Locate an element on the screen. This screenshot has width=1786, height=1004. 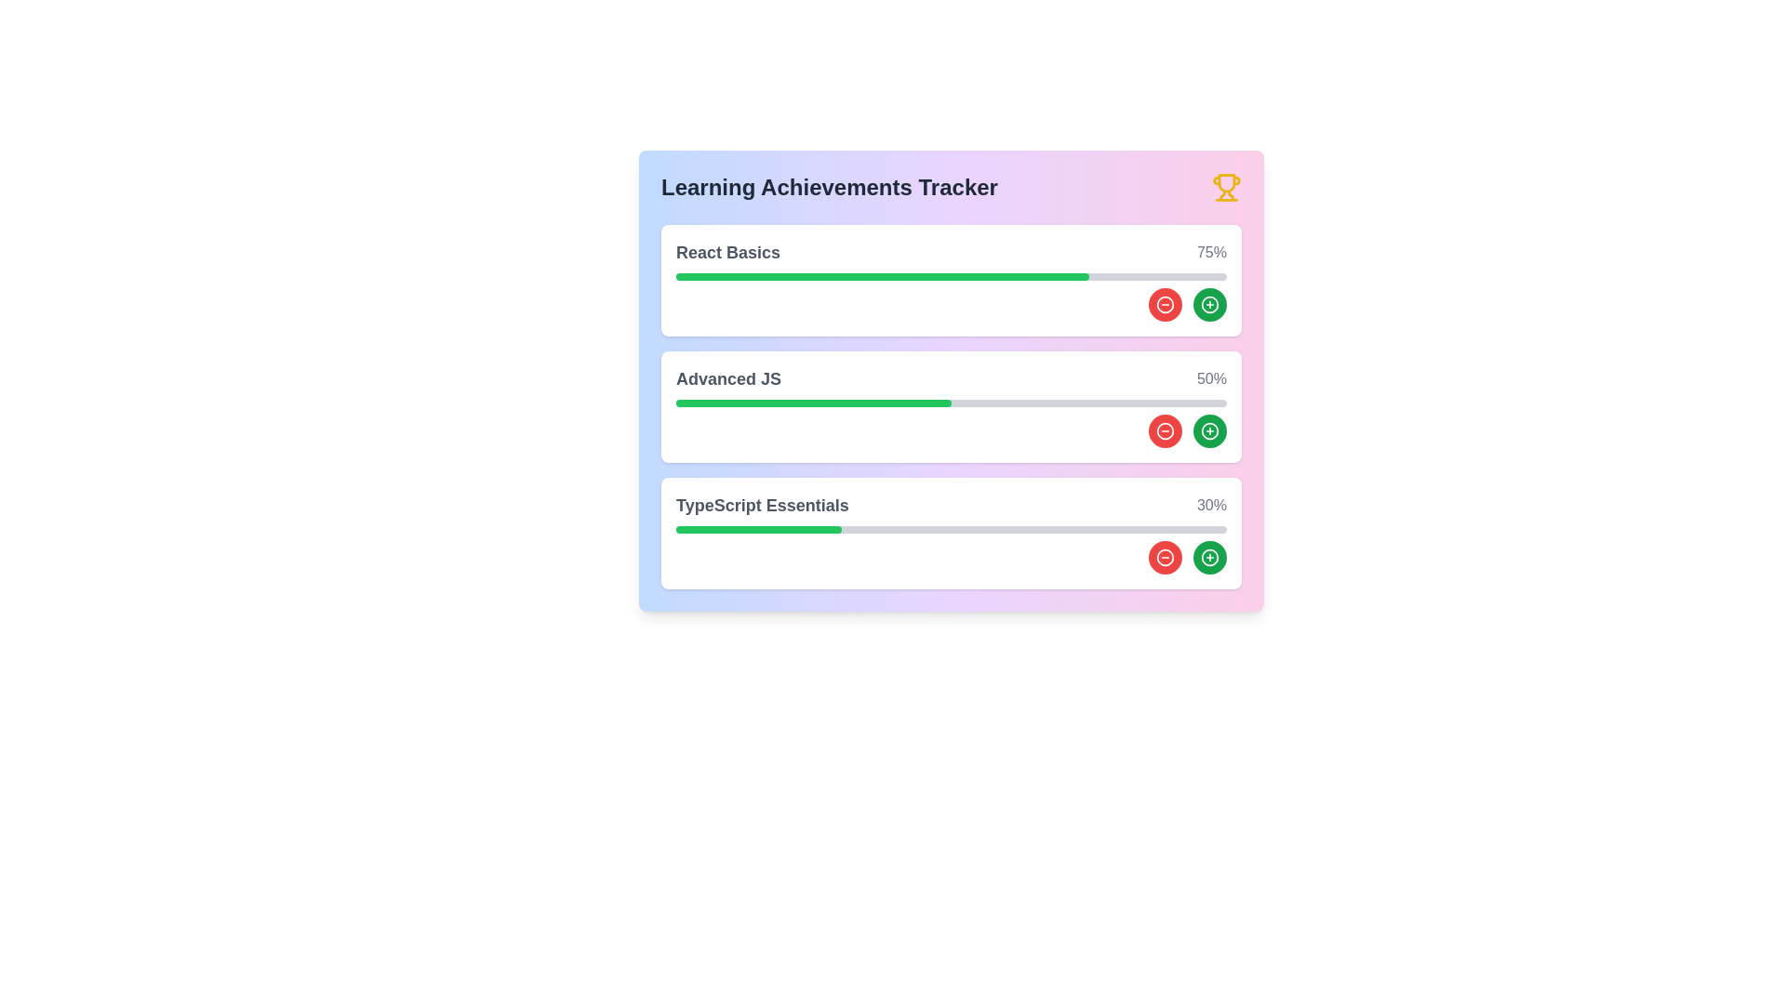
the decrement button located in the lower-right portion of the 'Advanced JS' section is located at coordinates (1164, 430).